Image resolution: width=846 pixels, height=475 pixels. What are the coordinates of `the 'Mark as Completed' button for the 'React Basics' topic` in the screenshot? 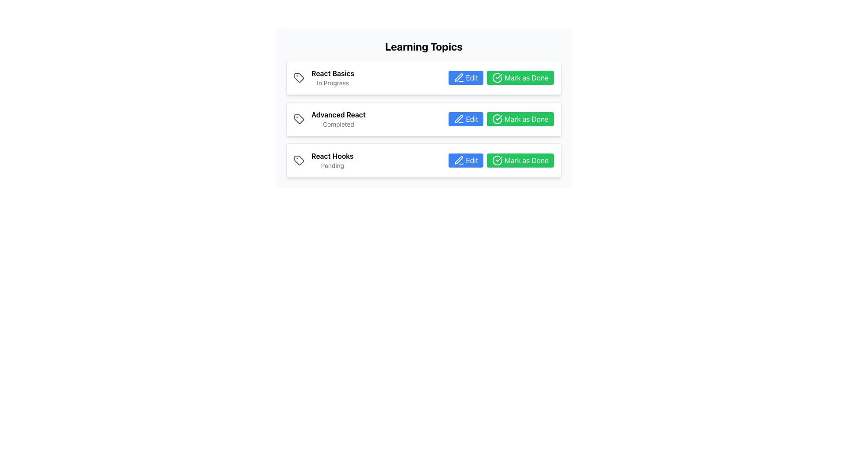 It's located at (501, 77).